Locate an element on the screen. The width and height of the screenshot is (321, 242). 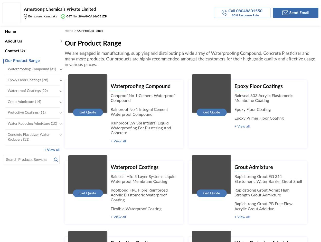
'Epoxy Primer Floor Coating' is located at coordinates (259, 118).